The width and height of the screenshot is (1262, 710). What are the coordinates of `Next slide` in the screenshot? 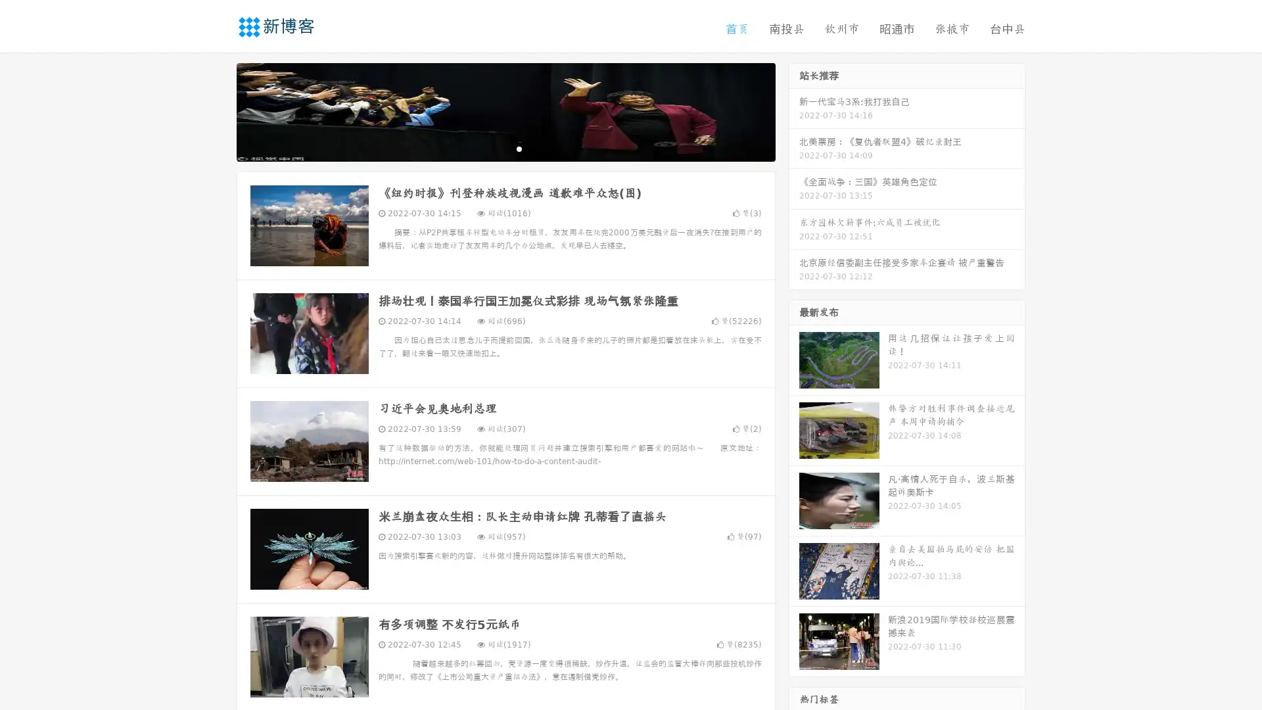 It's located at (794, 110).